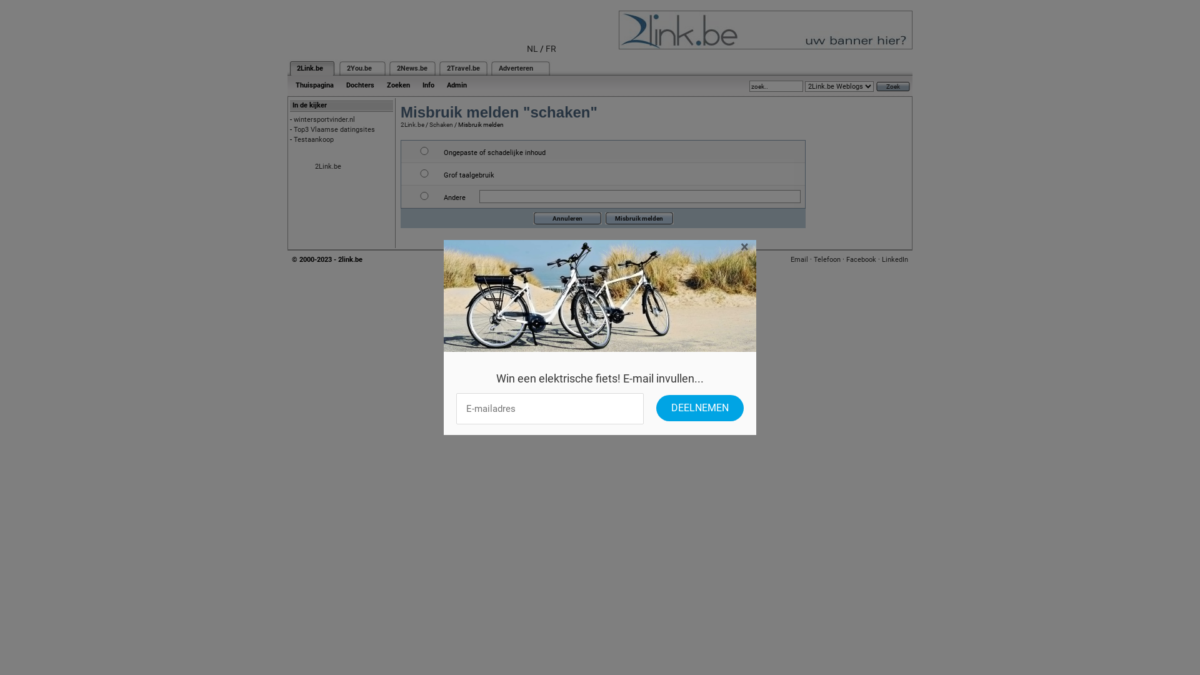 The image size is (1200, 675). Describe the element at coordinates (827, 259) in the screenshot. I see `'Telefoon'` at that location.